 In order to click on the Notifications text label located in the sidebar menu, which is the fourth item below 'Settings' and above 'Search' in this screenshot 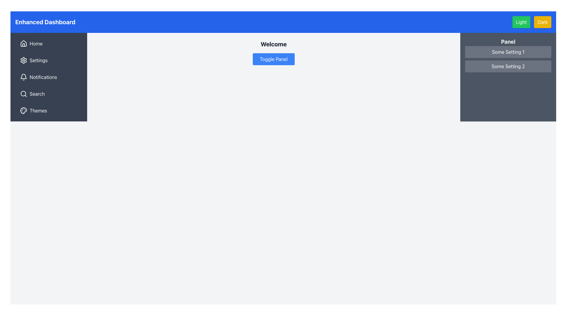, I will do `click(43, 77)`.